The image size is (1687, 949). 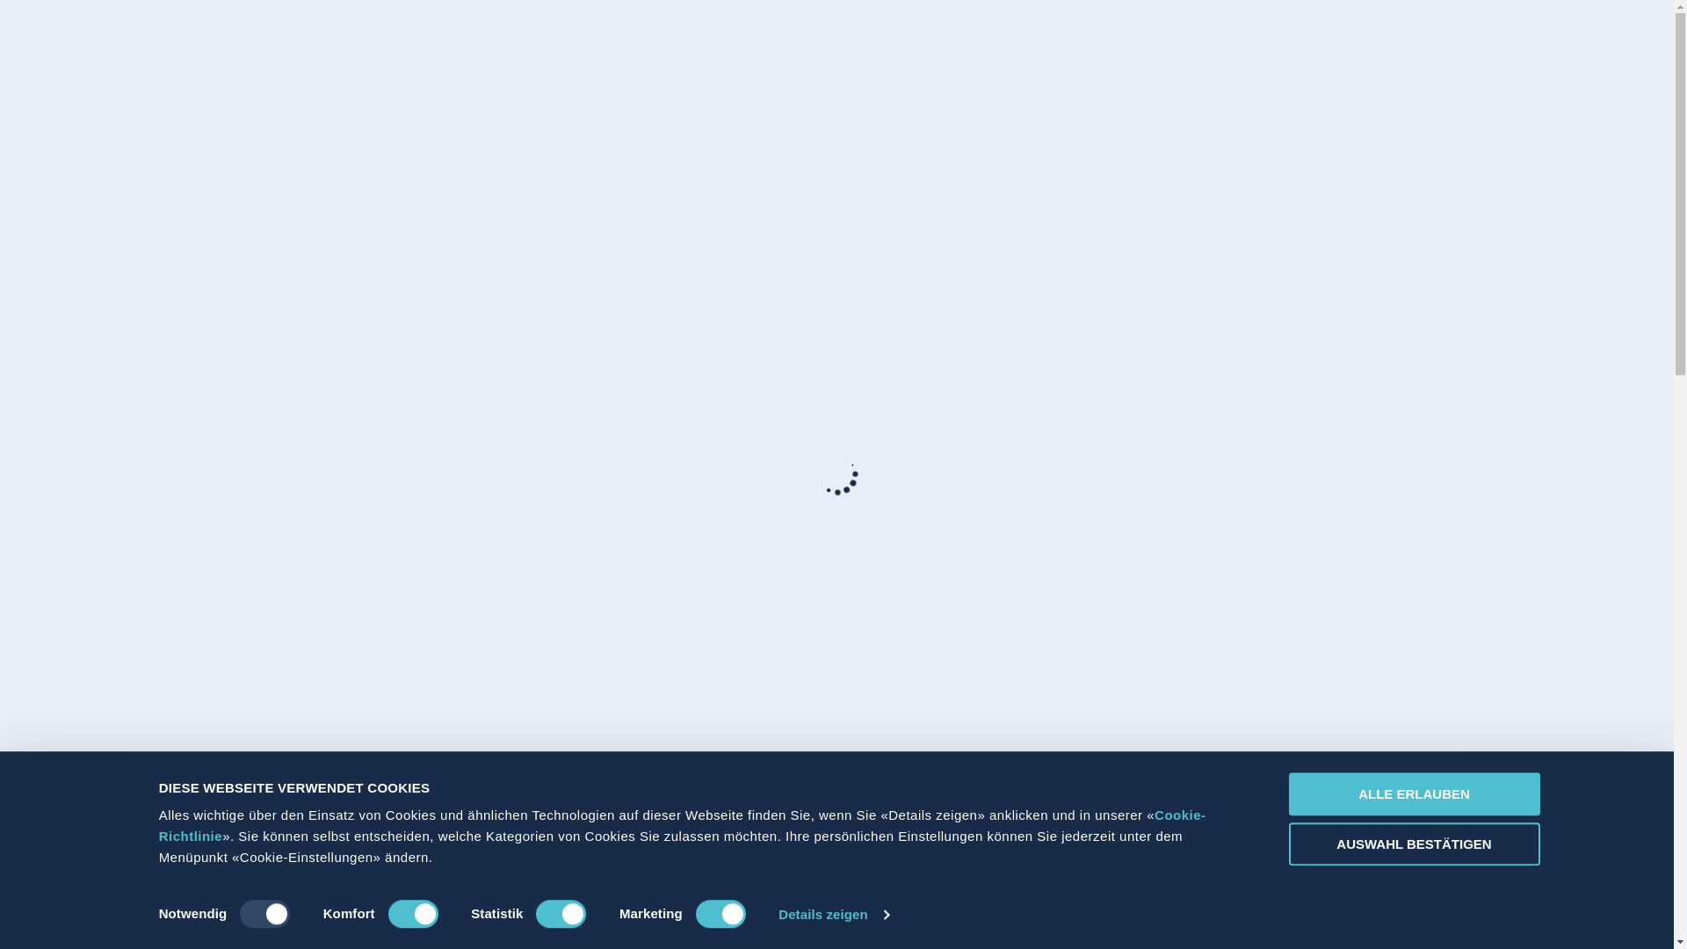 What do you see at coordinates (1286, 43) in the screenshot?
I see `'EN'` at bounding box center [1286, 43].